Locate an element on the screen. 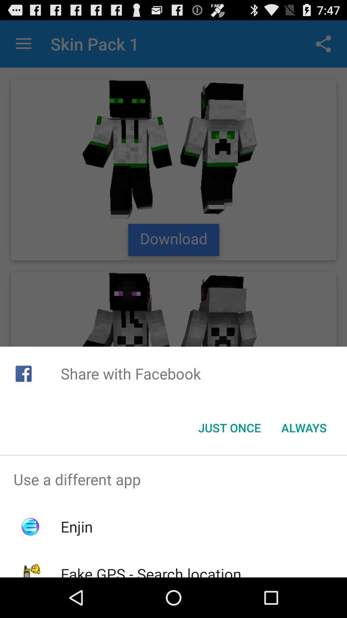 The image size is (347, 618). fake gps search icon is located at coordinates (151, 570).